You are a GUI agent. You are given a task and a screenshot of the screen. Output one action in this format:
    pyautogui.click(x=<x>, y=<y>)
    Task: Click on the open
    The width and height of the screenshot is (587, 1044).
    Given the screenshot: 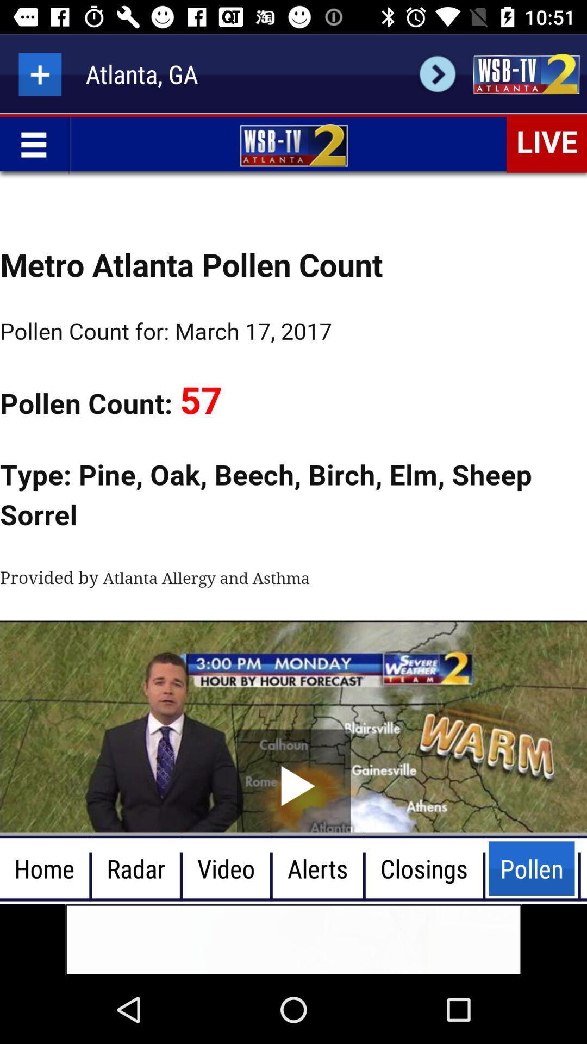 What is the action you would take?
    pyautogui.click(x=526, y=73)
    